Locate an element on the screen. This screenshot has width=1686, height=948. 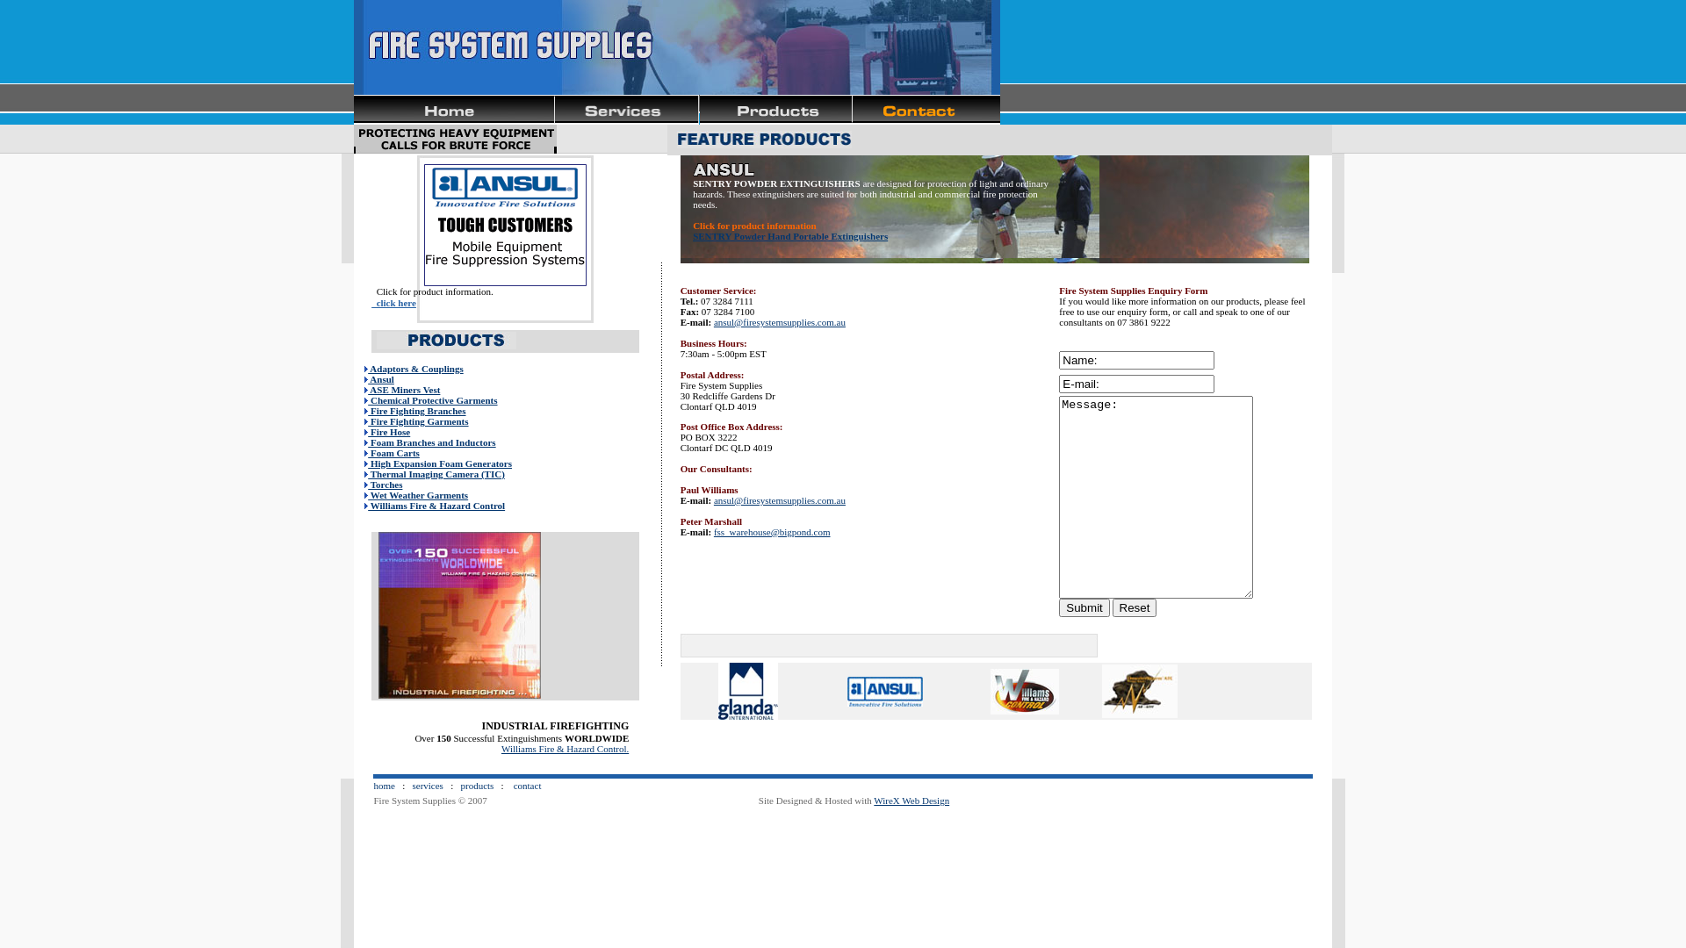
'home' is located at coordinates (382, 784).